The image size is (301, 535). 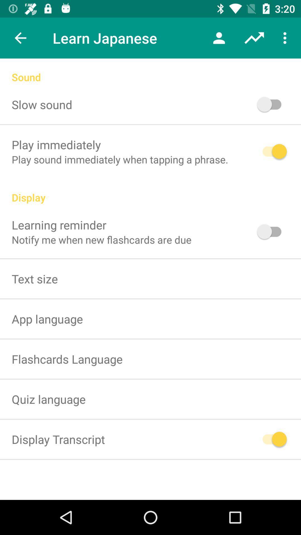 I want to click on the first icon adjacent right side of learn japanese, so click(x=219, y=38).